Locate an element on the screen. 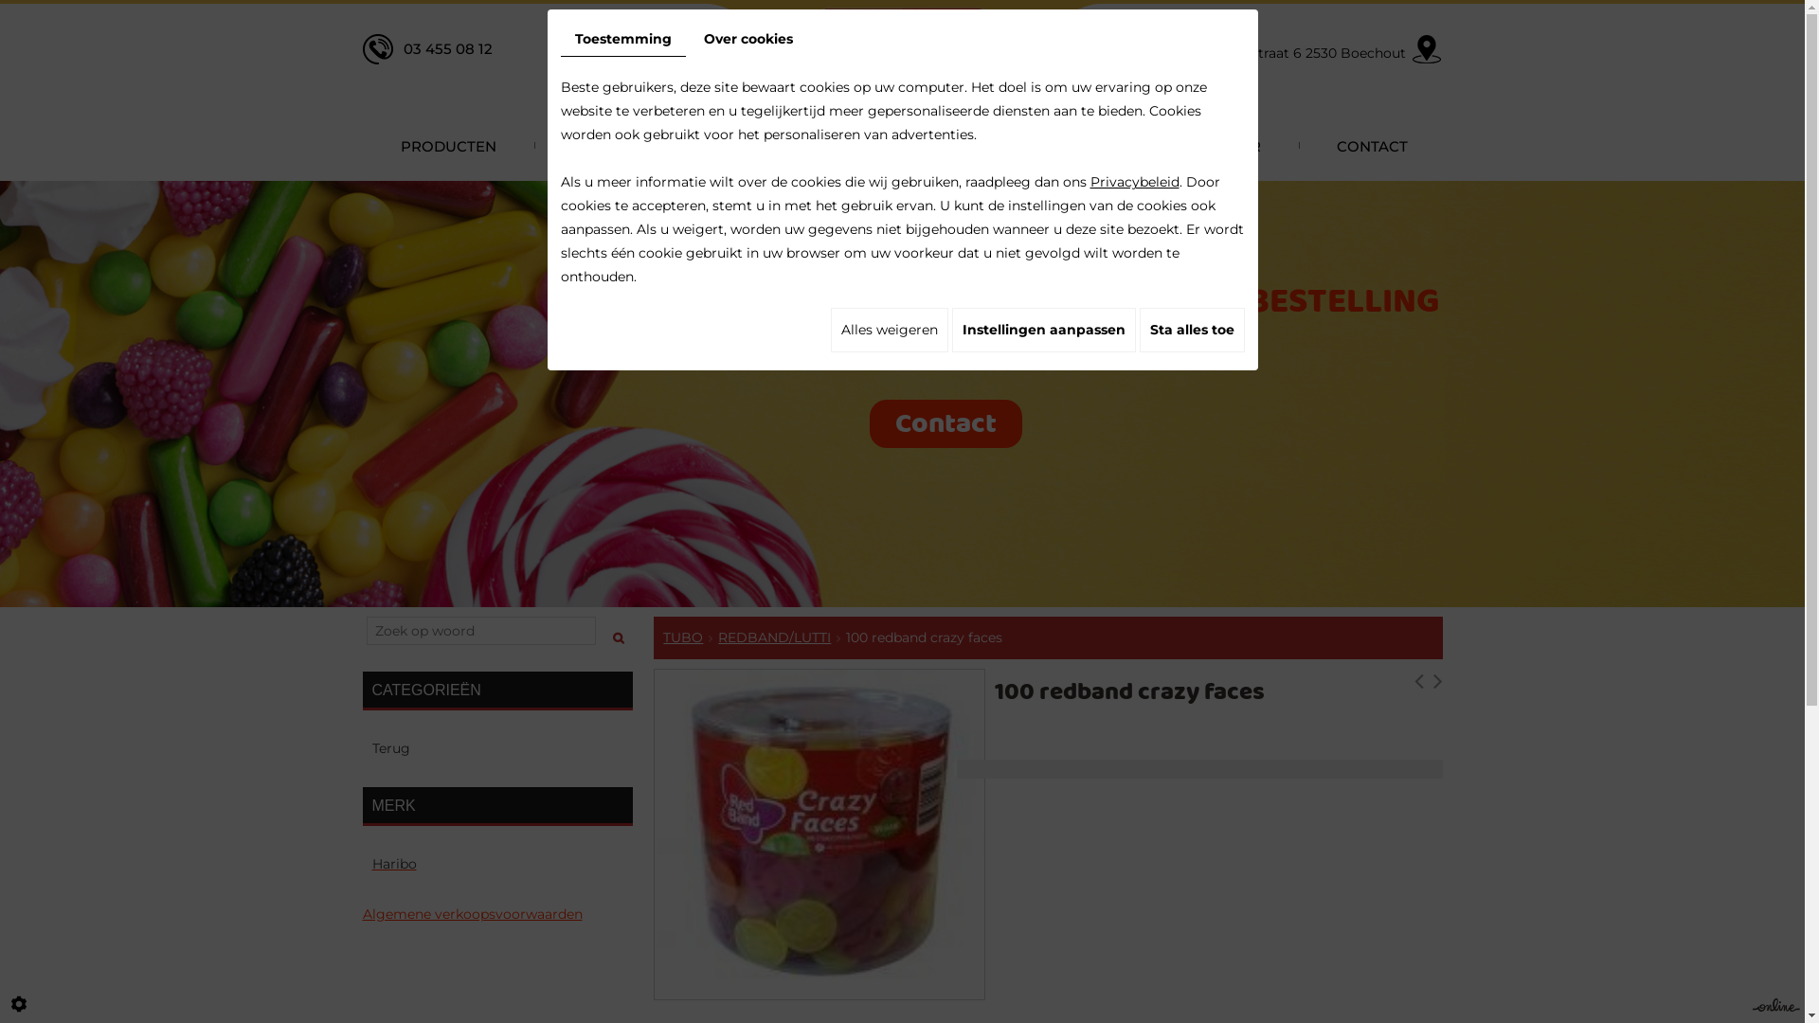 The height and width of the screenshot is (1023, 1819). 'Algemene verkoopsvoorwaarden' is located at coordinates (362, 912).